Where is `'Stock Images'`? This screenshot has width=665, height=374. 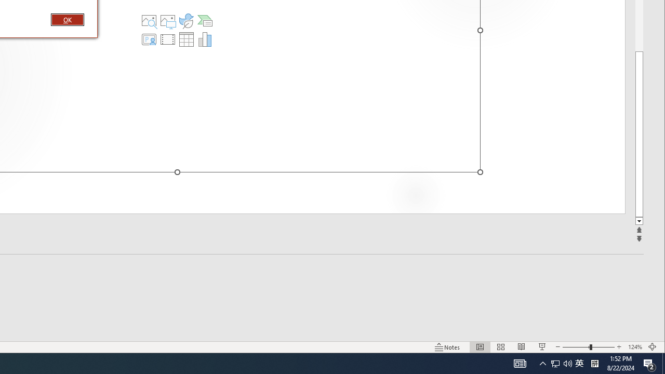 'Stock Images' is located at coordinates (149, 20).